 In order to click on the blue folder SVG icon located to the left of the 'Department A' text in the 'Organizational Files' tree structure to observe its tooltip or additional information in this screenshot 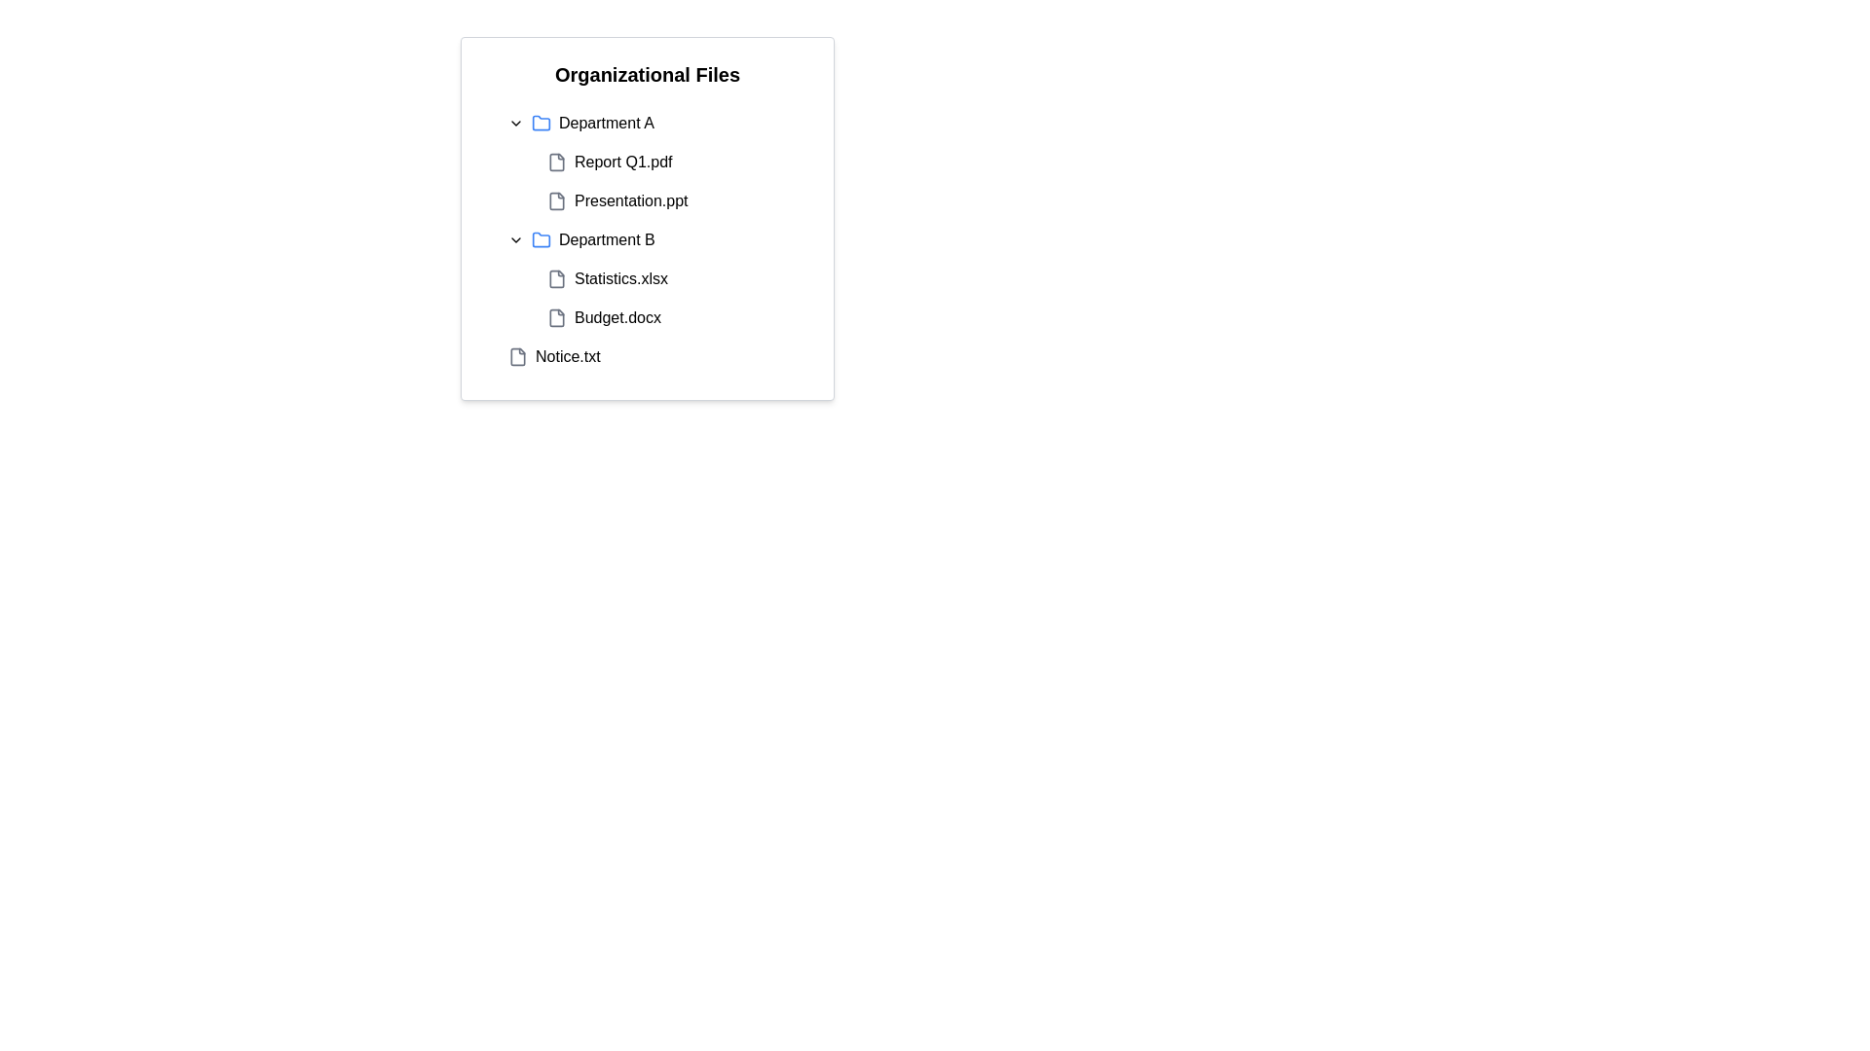, I will do `click(542, 124)`.